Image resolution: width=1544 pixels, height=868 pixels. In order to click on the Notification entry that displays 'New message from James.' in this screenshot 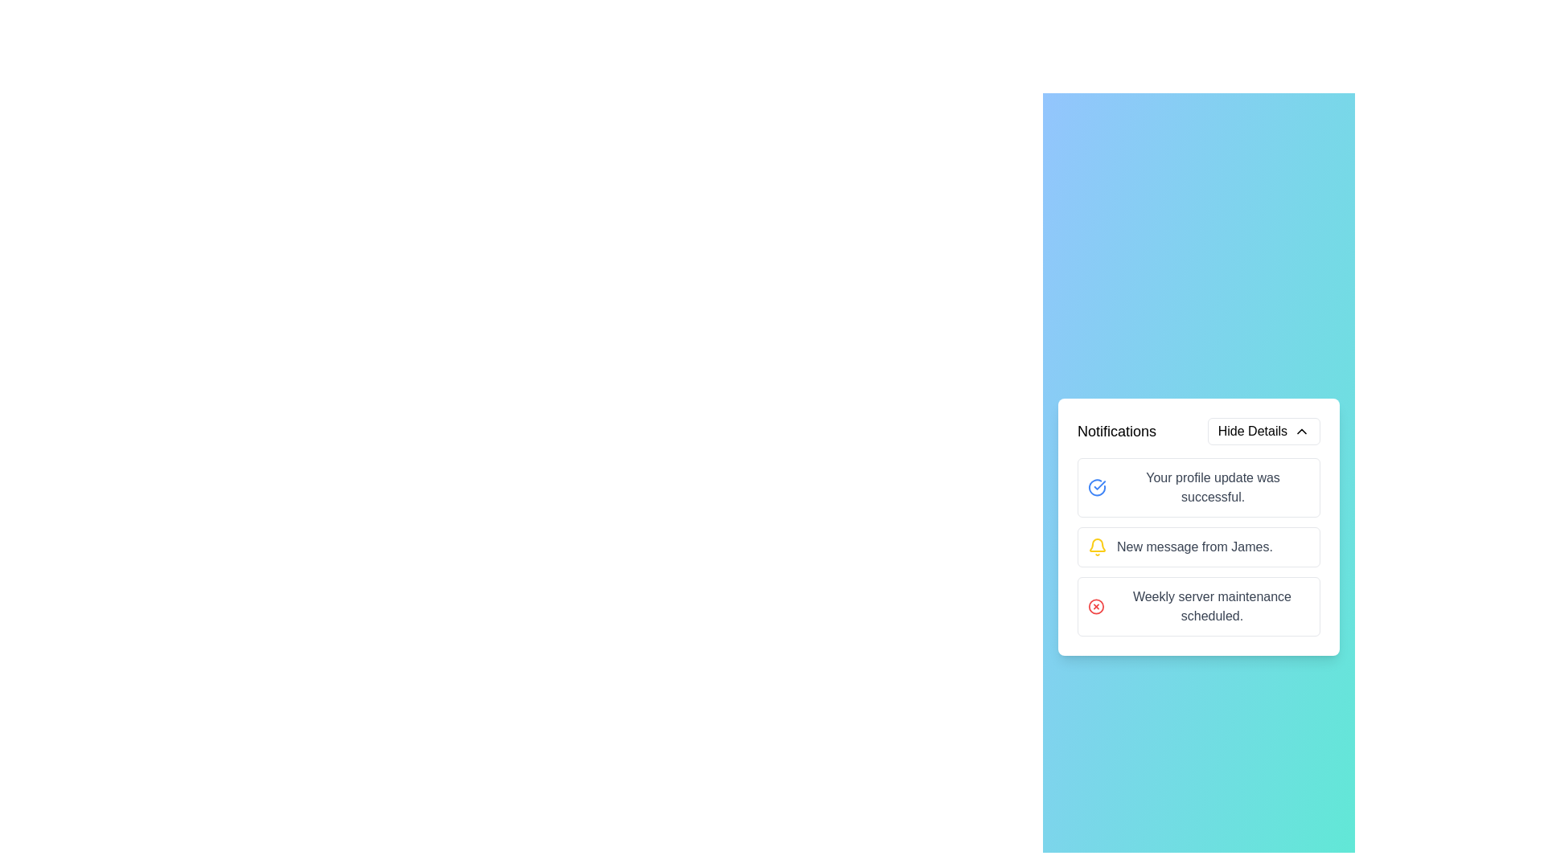, I will do `click(1199, 526)`.